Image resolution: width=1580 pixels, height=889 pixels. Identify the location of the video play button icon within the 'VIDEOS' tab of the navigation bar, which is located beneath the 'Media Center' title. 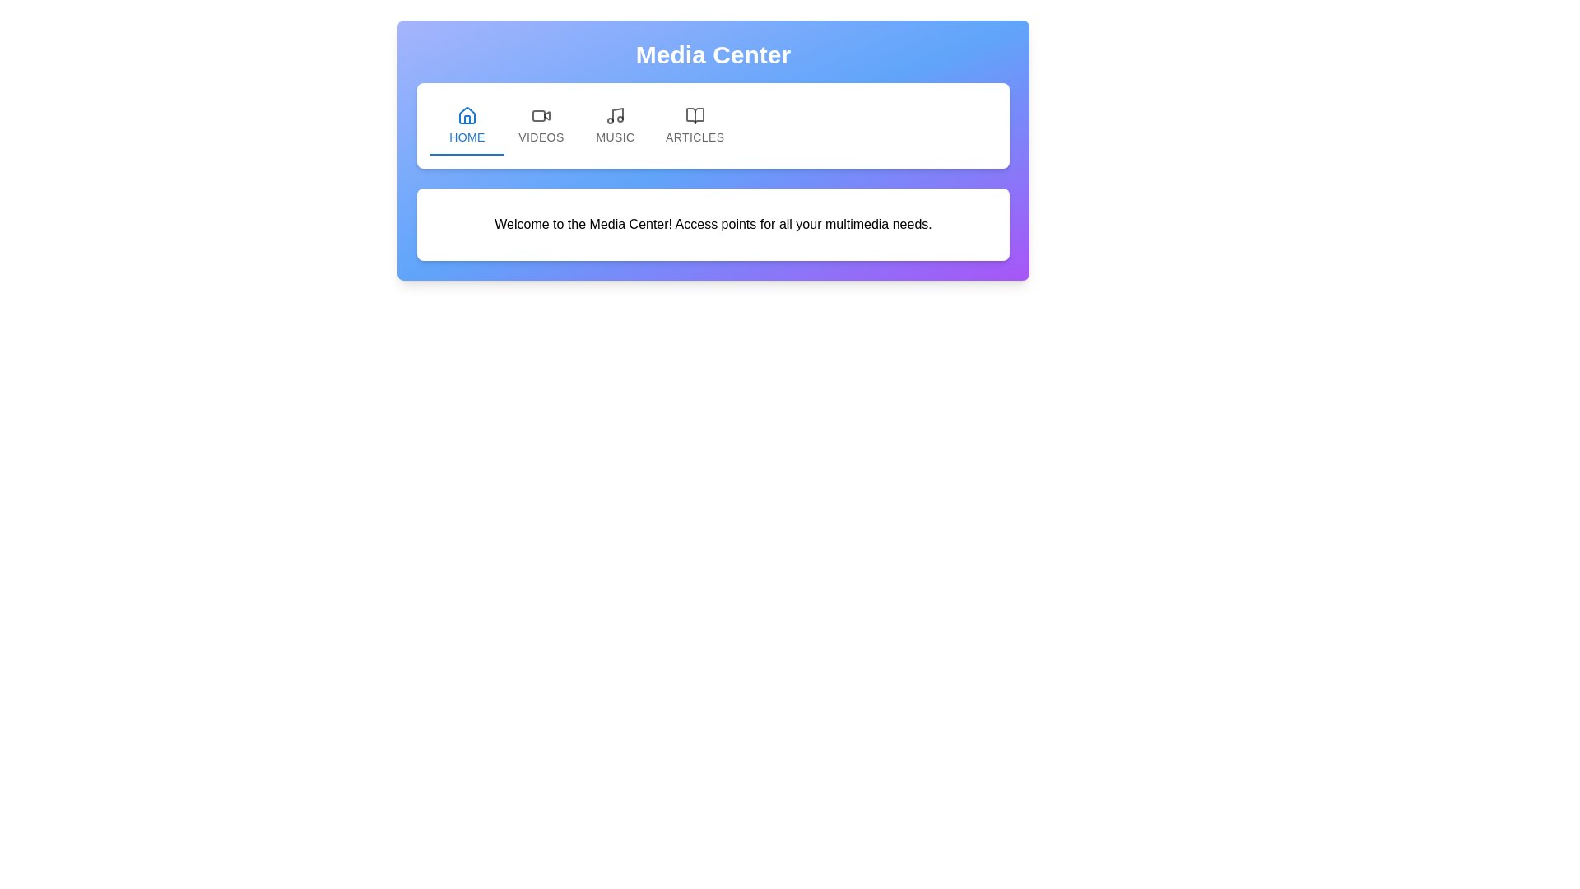
(547, 115).